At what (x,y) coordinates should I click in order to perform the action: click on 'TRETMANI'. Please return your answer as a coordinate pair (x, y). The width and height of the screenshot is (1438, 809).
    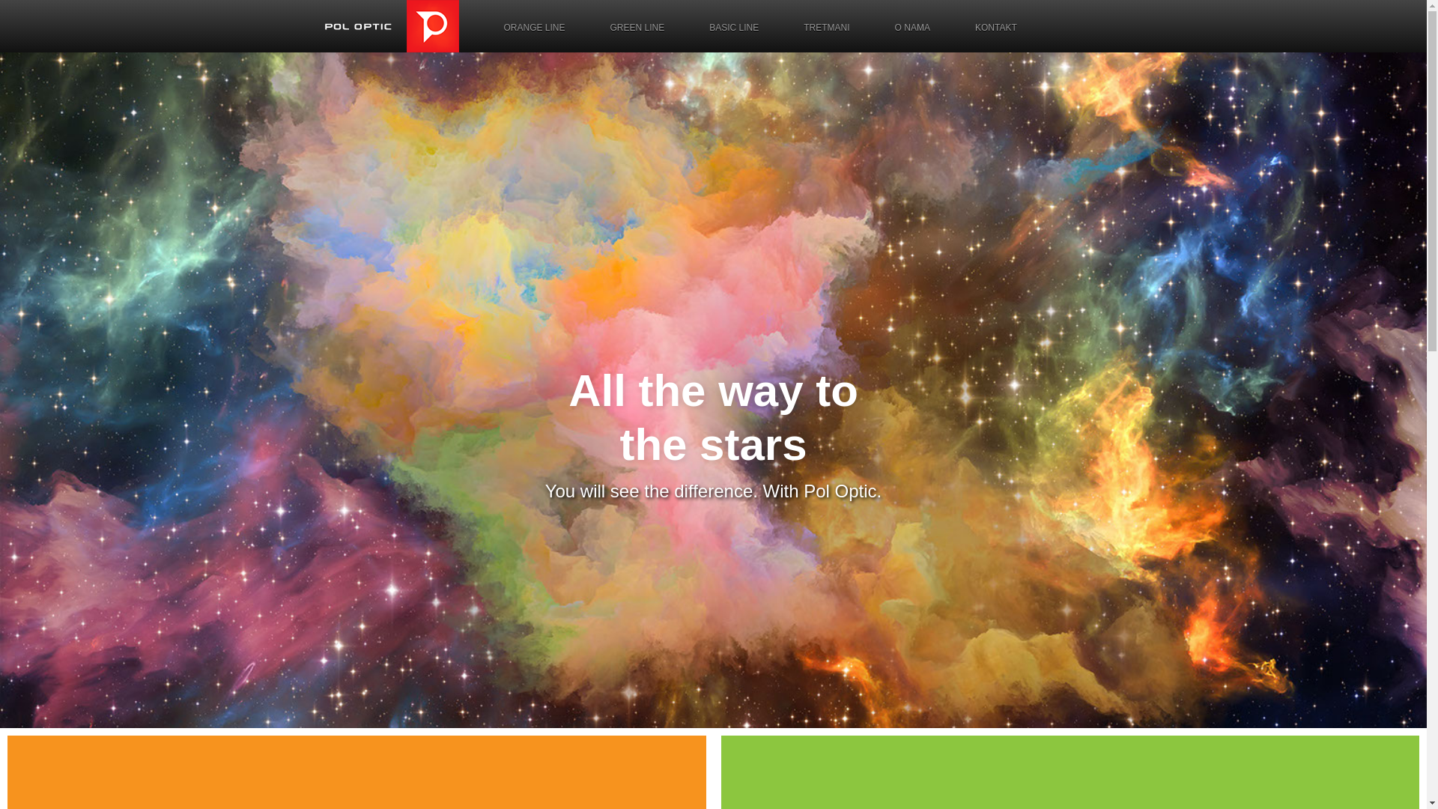
    Looking at the image, I should click on (825, 28).